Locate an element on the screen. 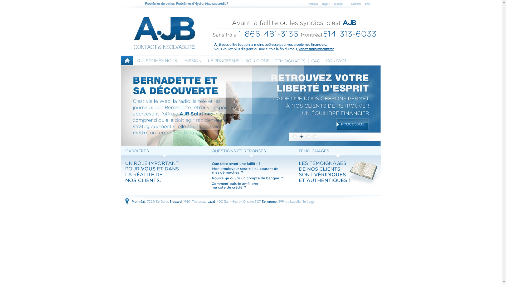 Image resolution: width=506 pixels, height=284 pixels. 'Brossard: 1940, Tashereau' is located at coordinates (188, 201).